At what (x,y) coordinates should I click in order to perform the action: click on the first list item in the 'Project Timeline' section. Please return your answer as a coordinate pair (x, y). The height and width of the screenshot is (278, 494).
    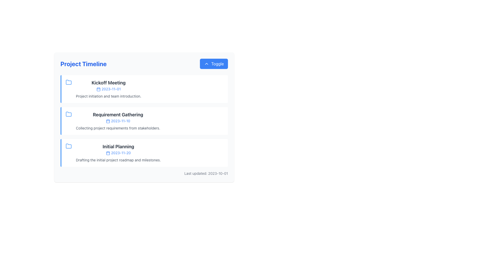
    Looking at the image, I should click on (144, 89).